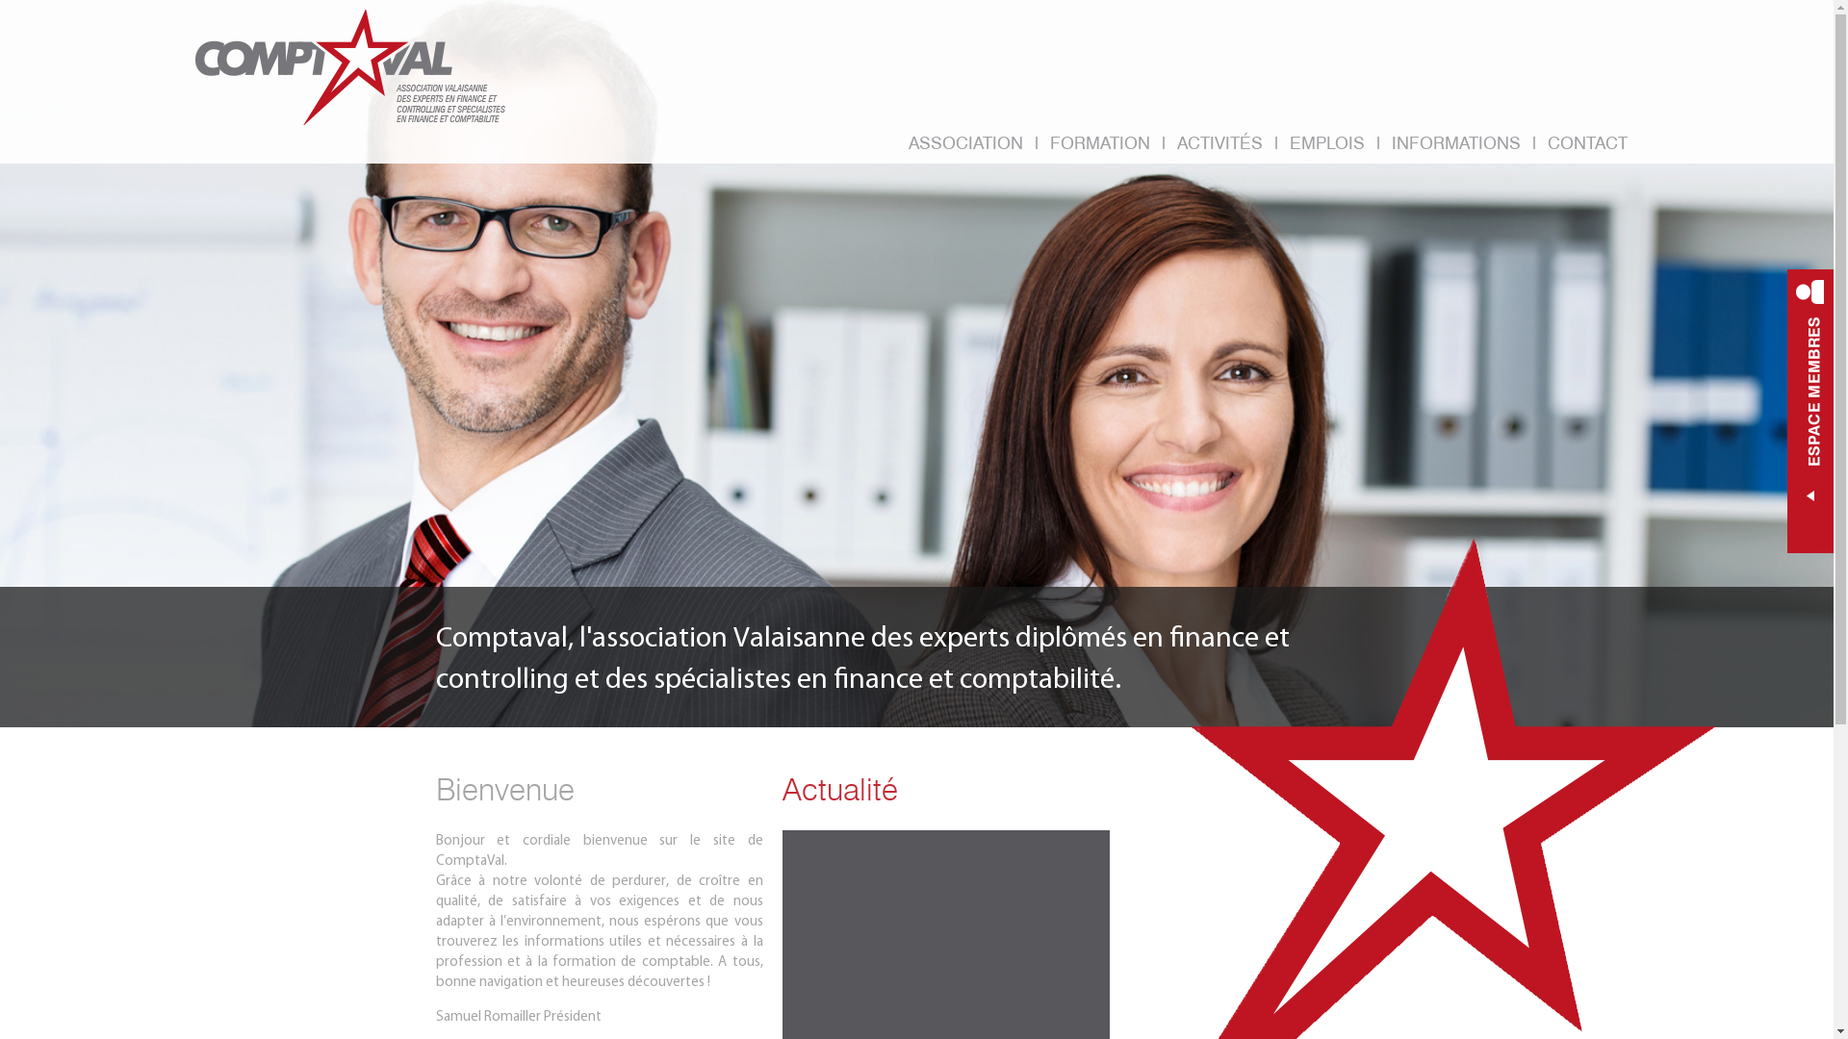  Describe the element at coordinates (1325, 143) in the screenshot. I see `'EMPLOIS'` at that location.